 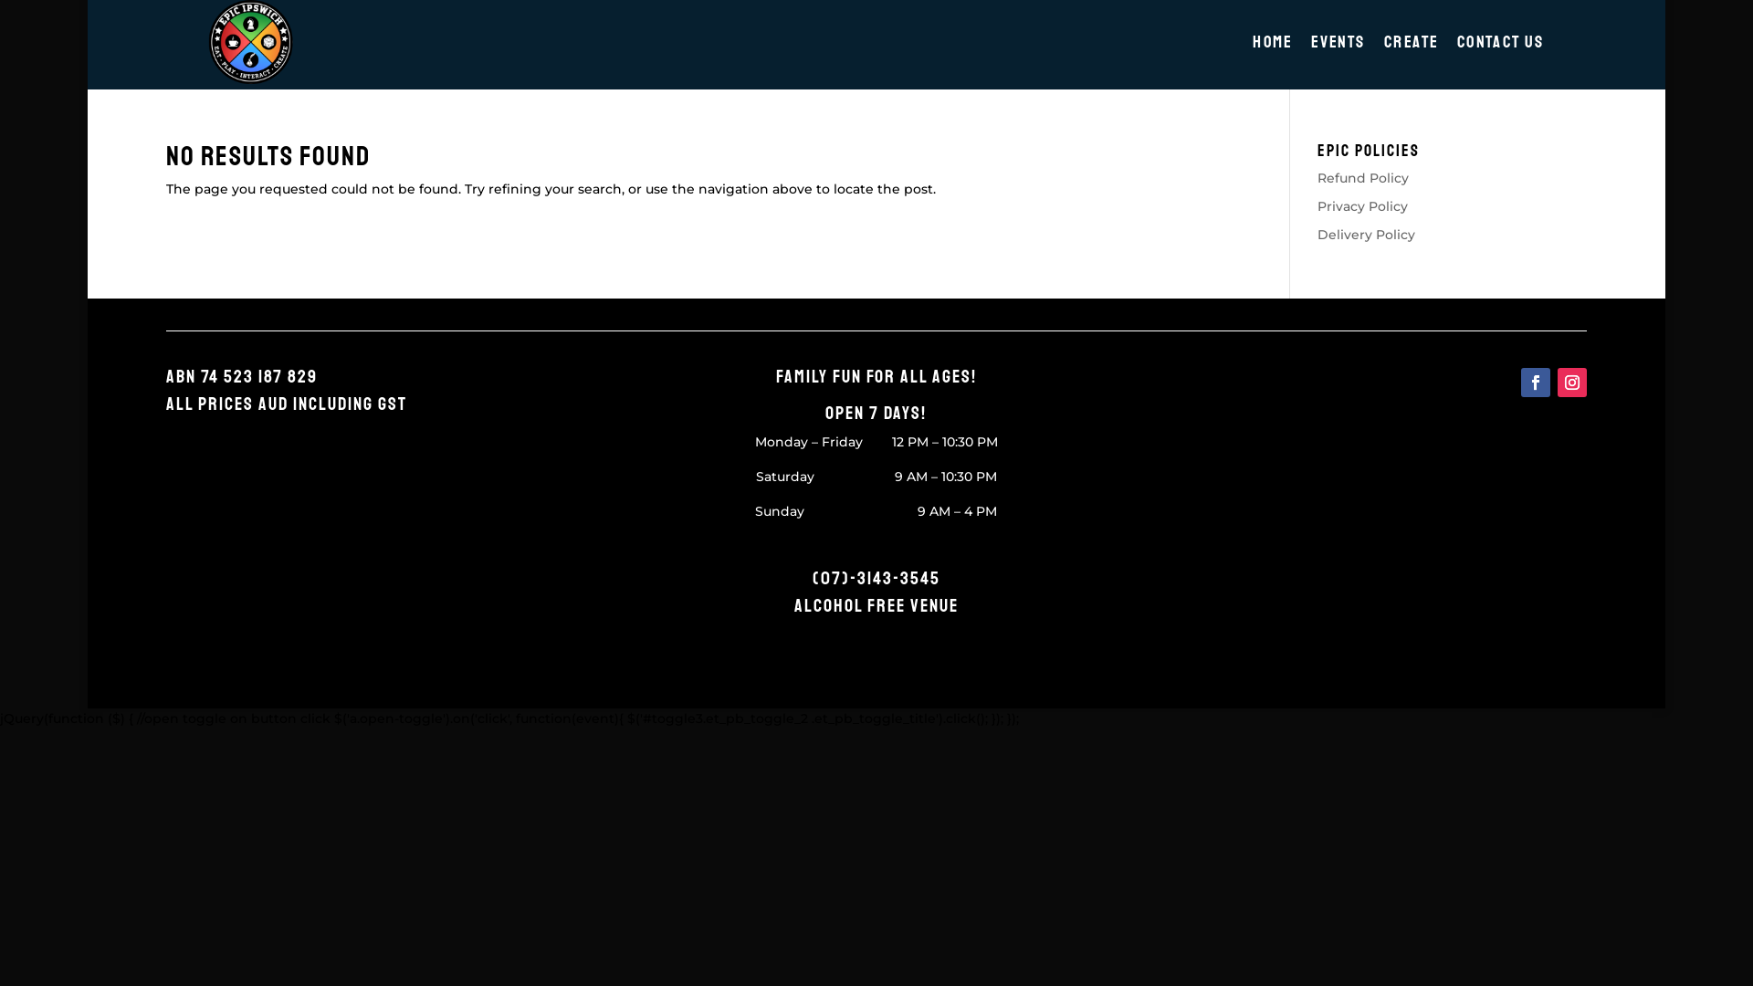 What do you see at coordinates (1339, 44) in the screenshot?
I see `'Events'` at bounding box center [1339, 44].